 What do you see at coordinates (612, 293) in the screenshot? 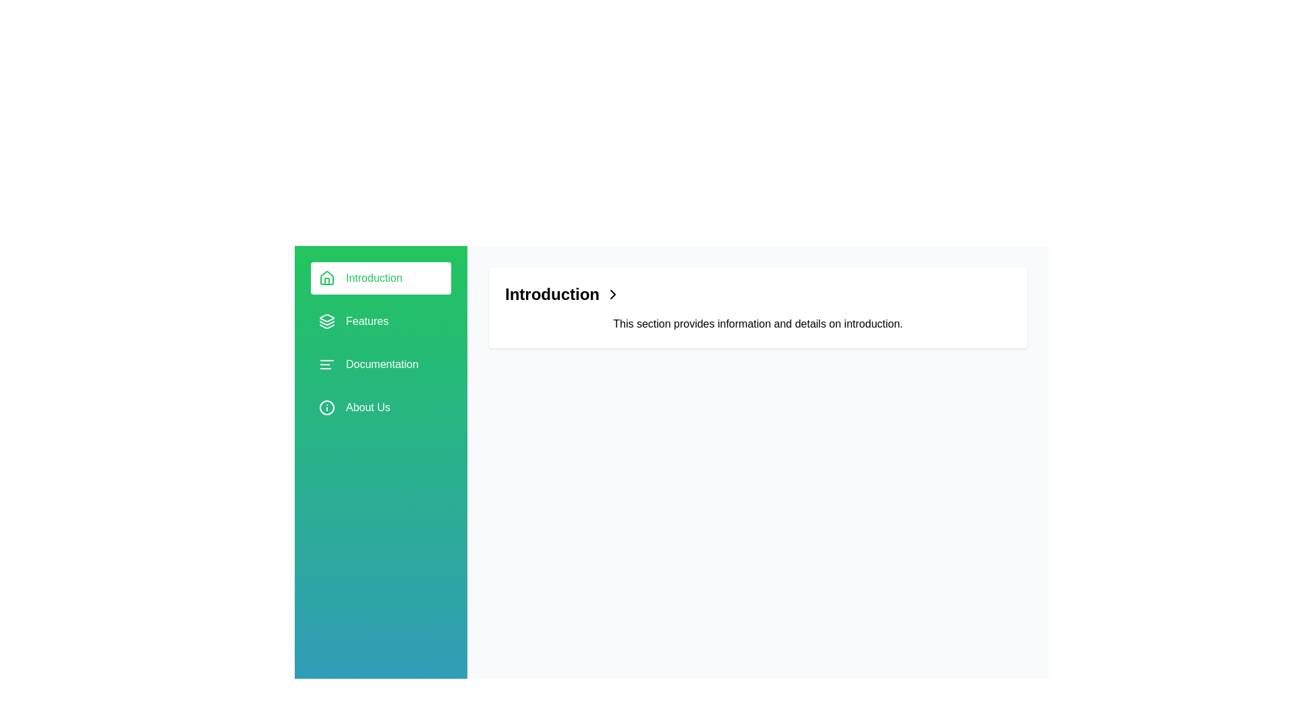
I see `the chevron icon located in the heading bar of the 'Introduction' section, positioned to the right of the text 'Introduction'` at bounding box center [612, 293].